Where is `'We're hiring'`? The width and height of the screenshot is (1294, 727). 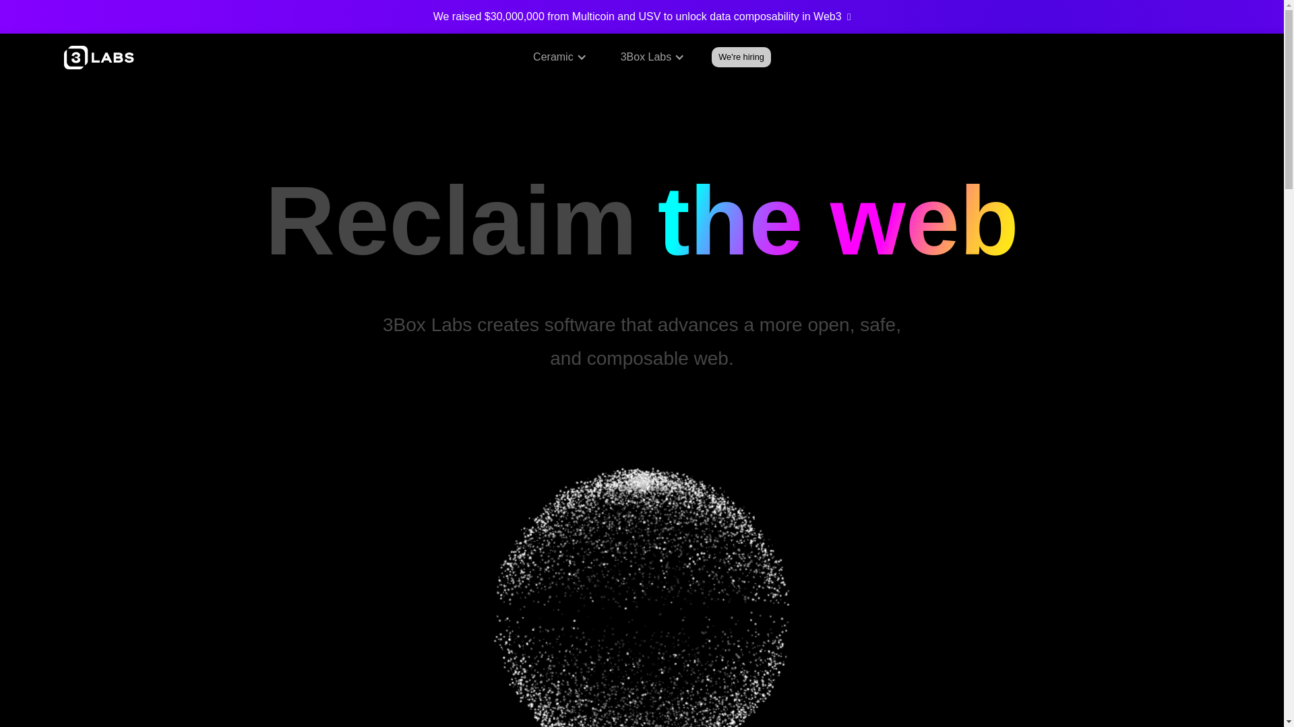 'We're hiring' is located at coordinates (740, 56).